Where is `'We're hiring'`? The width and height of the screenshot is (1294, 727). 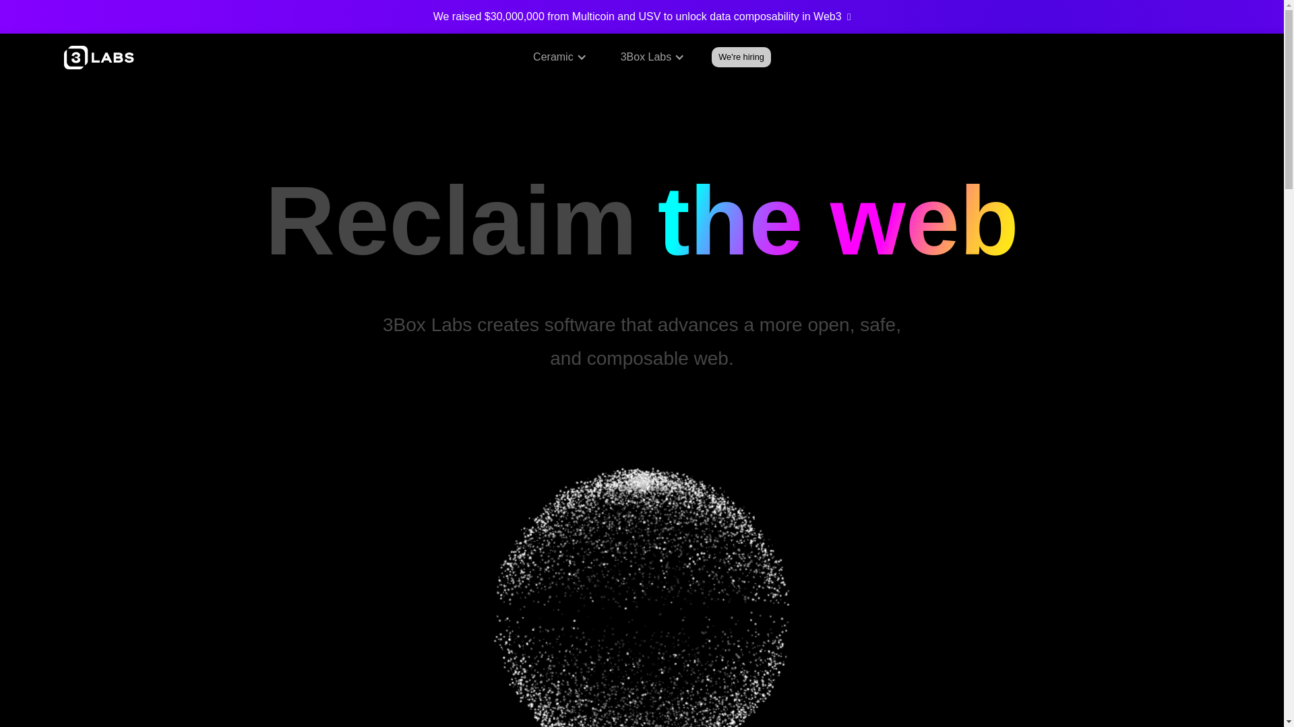 'We're hiring' is located at coordinates (740, 56).